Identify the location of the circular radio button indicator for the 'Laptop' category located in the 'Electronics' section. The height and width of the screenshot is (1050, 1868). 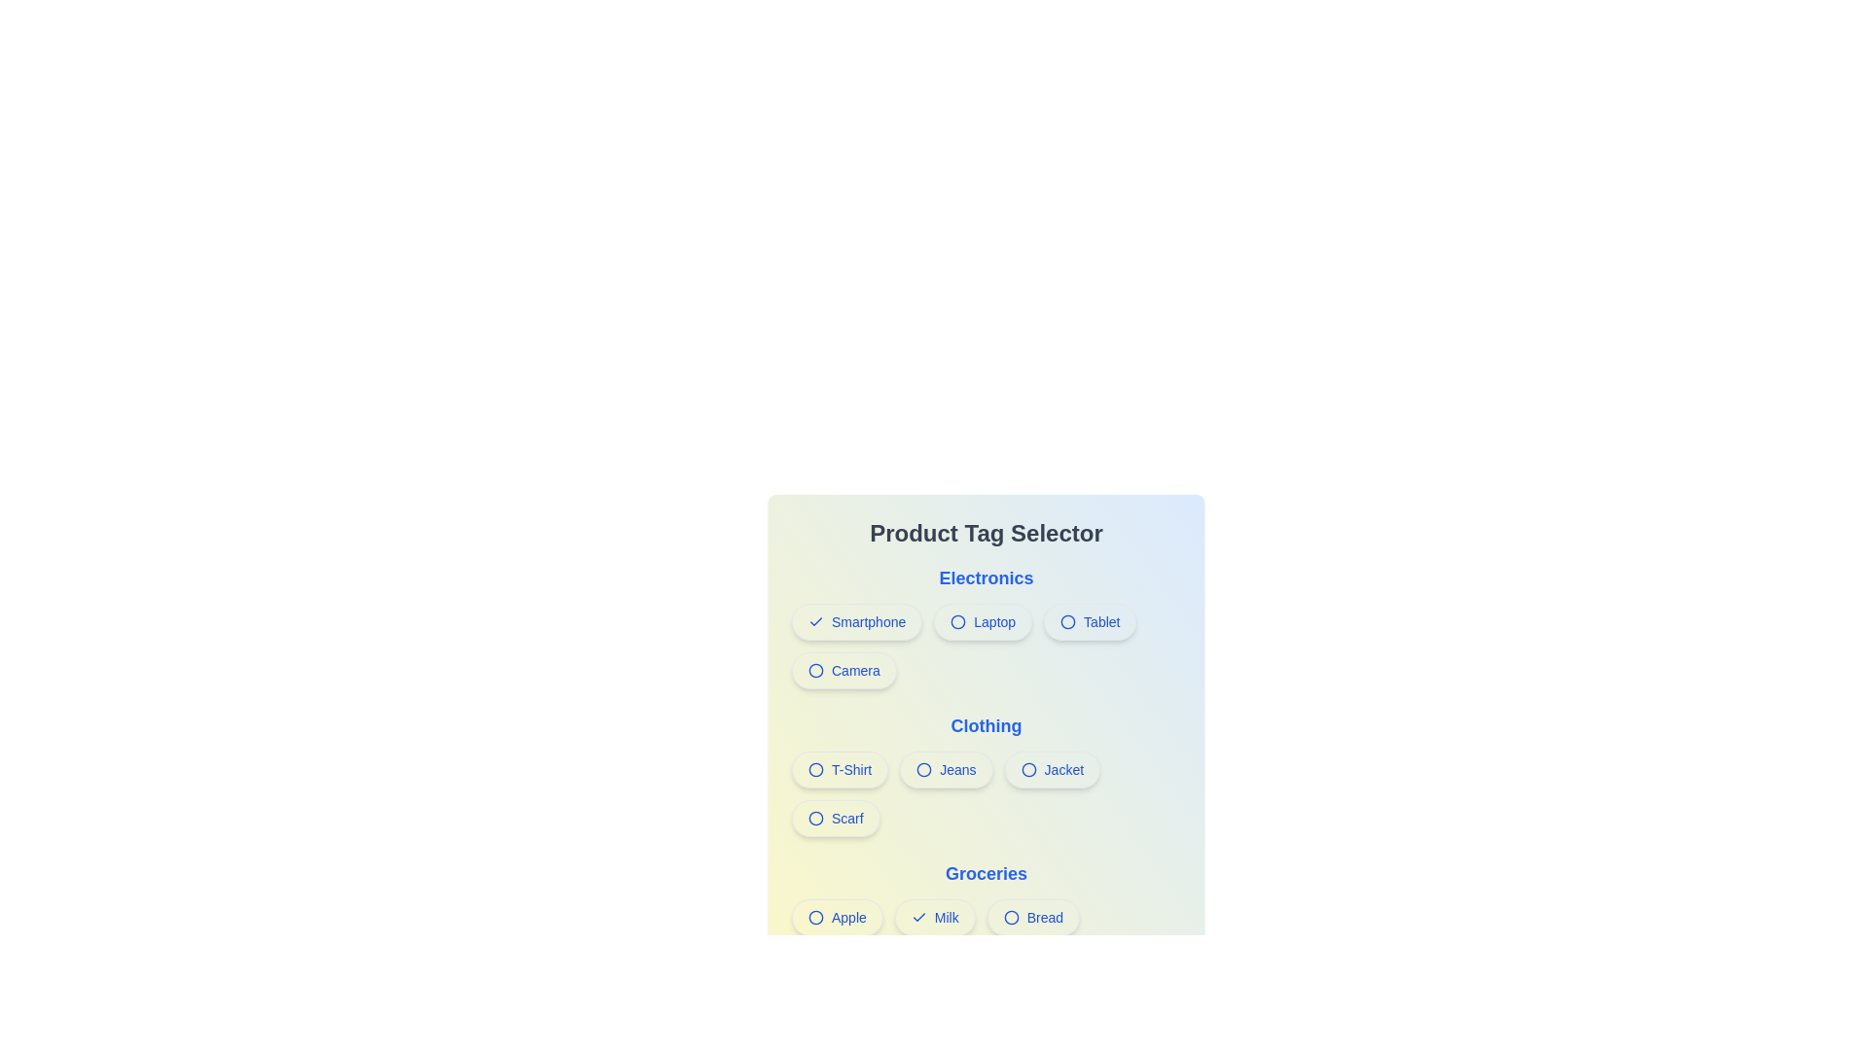
(958, 622).